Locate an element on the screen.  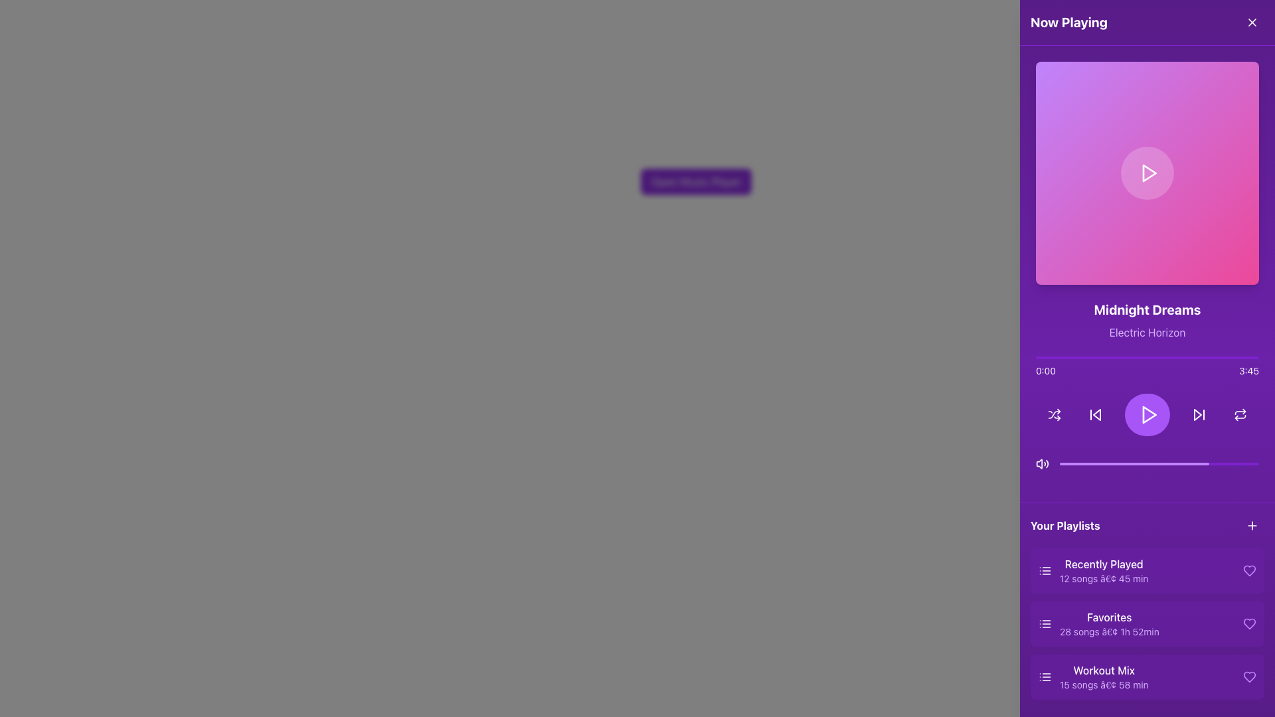
the text element that displays the number of songs and total duration in the 'Recently Played' section, located below the playlist title and above the heart icon is located at coordinates (1104, 578).